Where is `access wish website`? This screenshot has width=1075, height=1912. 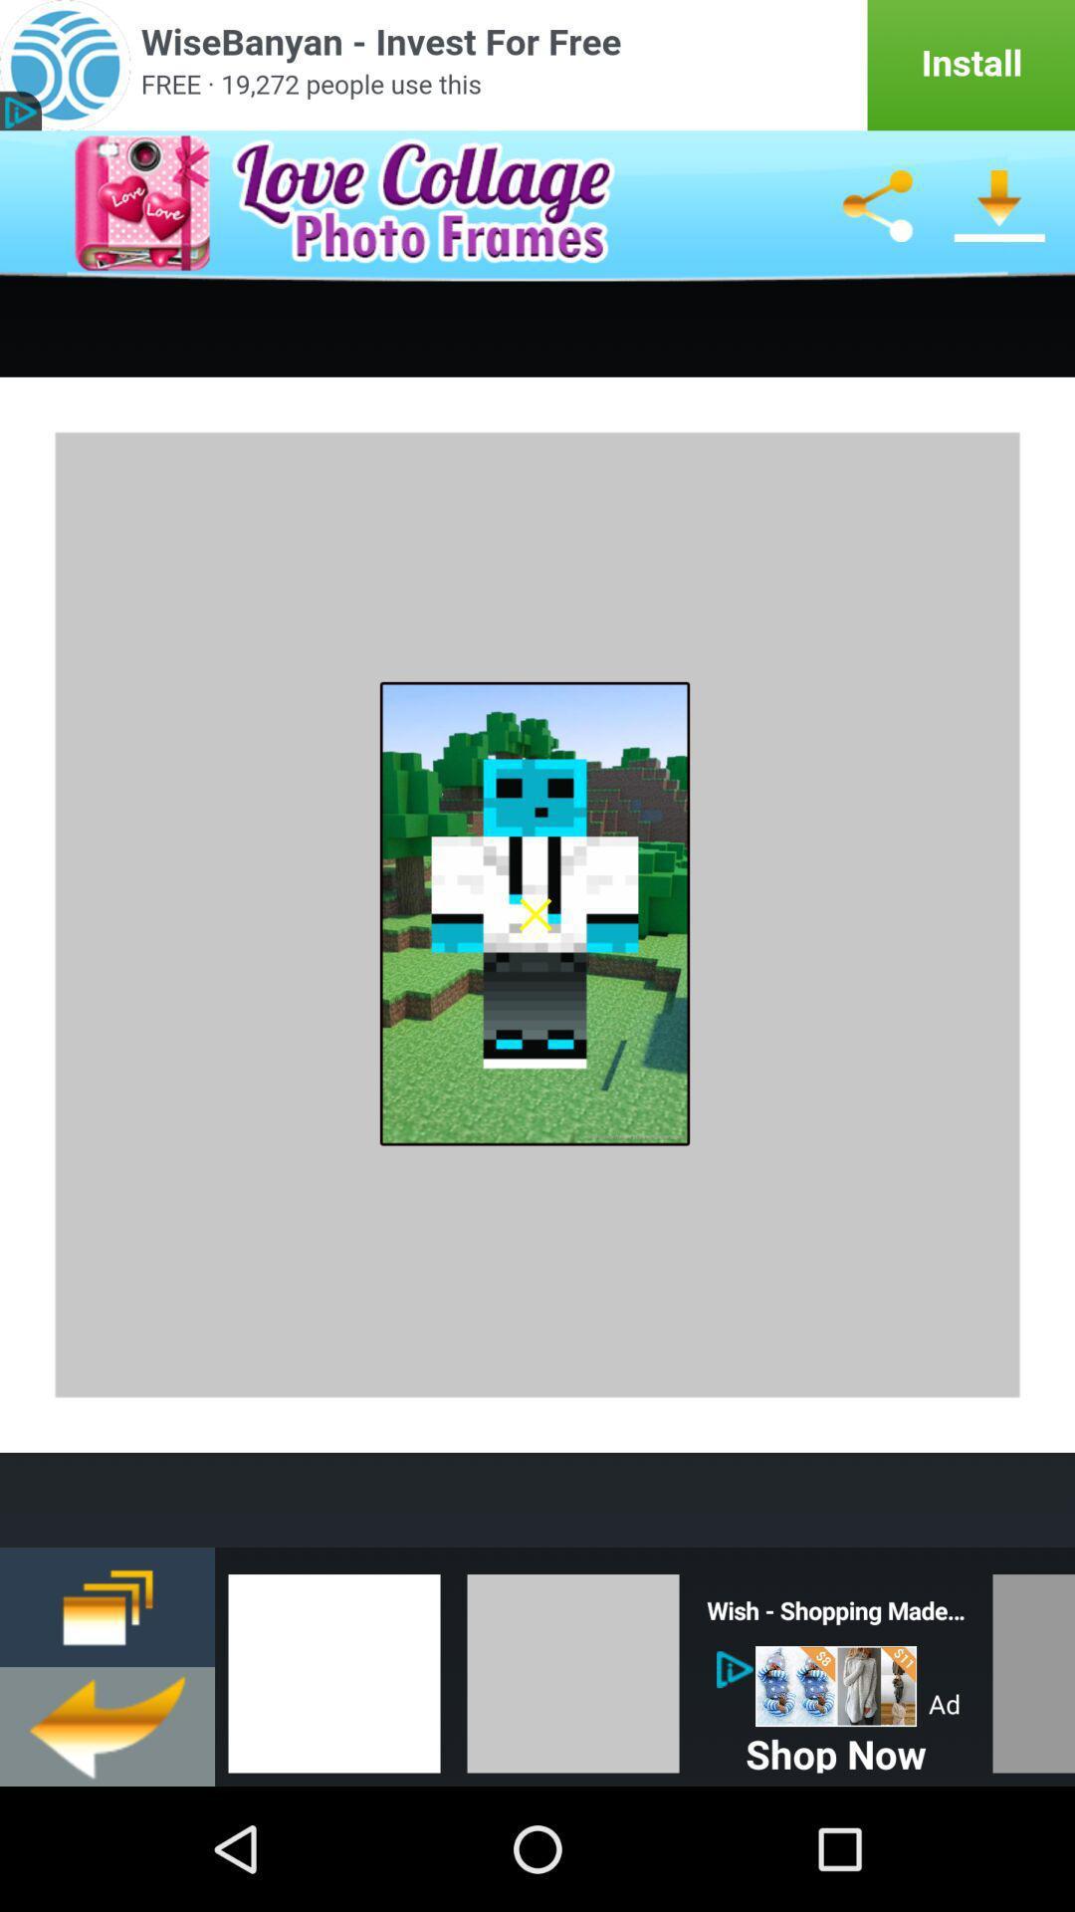
access wish website is located at coordinates (836, 1685).